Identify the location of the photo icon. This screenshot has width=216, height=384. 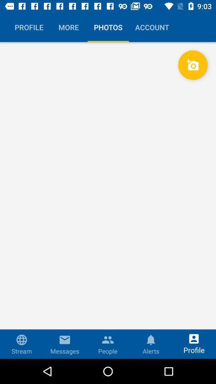
(192, 64).